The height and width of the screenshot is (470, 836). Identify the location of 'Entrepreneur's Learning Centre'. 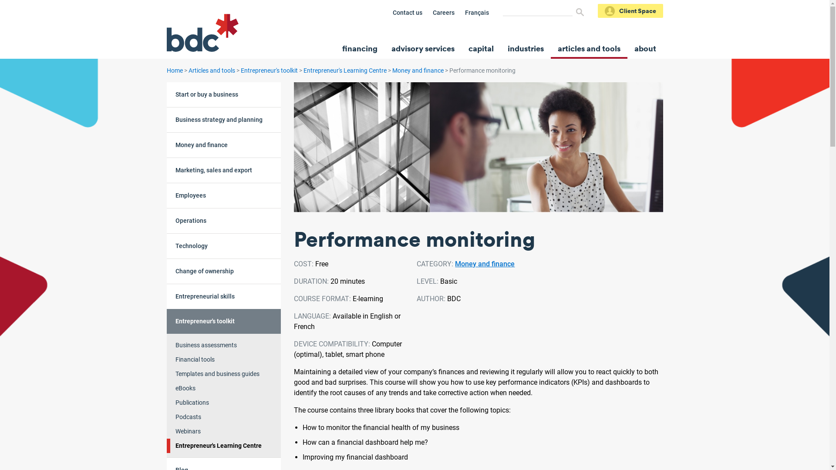
(223, 446).